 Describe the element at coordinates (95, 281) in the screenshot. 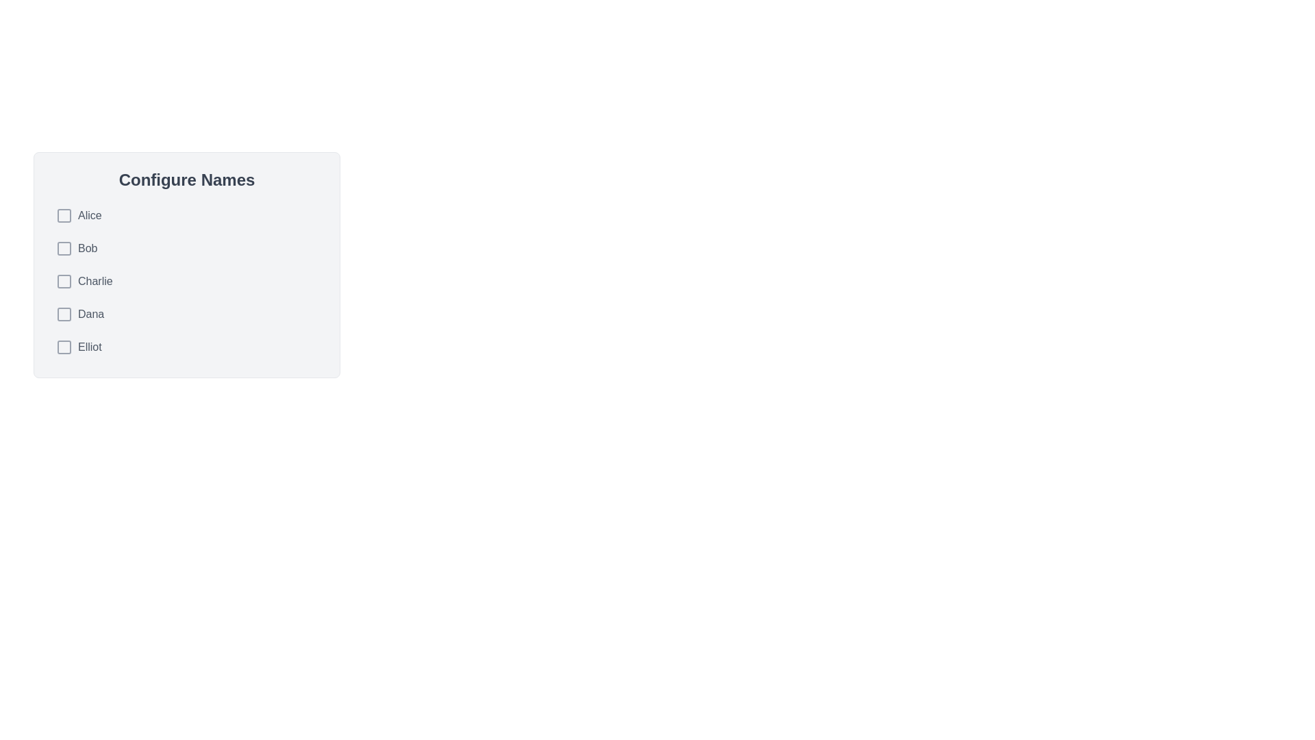

I see `the text label displaying the name 'Charlie', which is the third item in a vertical list of checkbox and label pairs, located slightly to the right of its associated checkbox` at that location.